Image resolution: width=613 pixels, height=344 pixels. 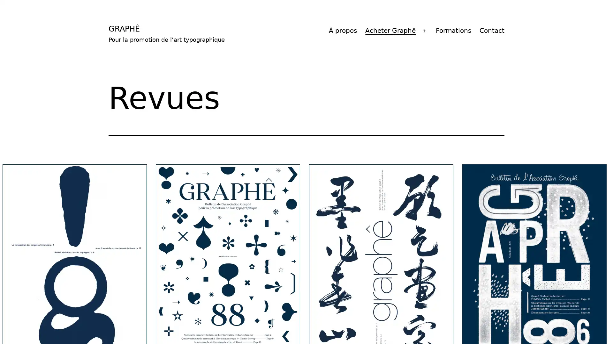 What do you see at coordinates (424, 31) in the screenshot?
I see `Ouvrir le menu` at bounding box center [424, 31].